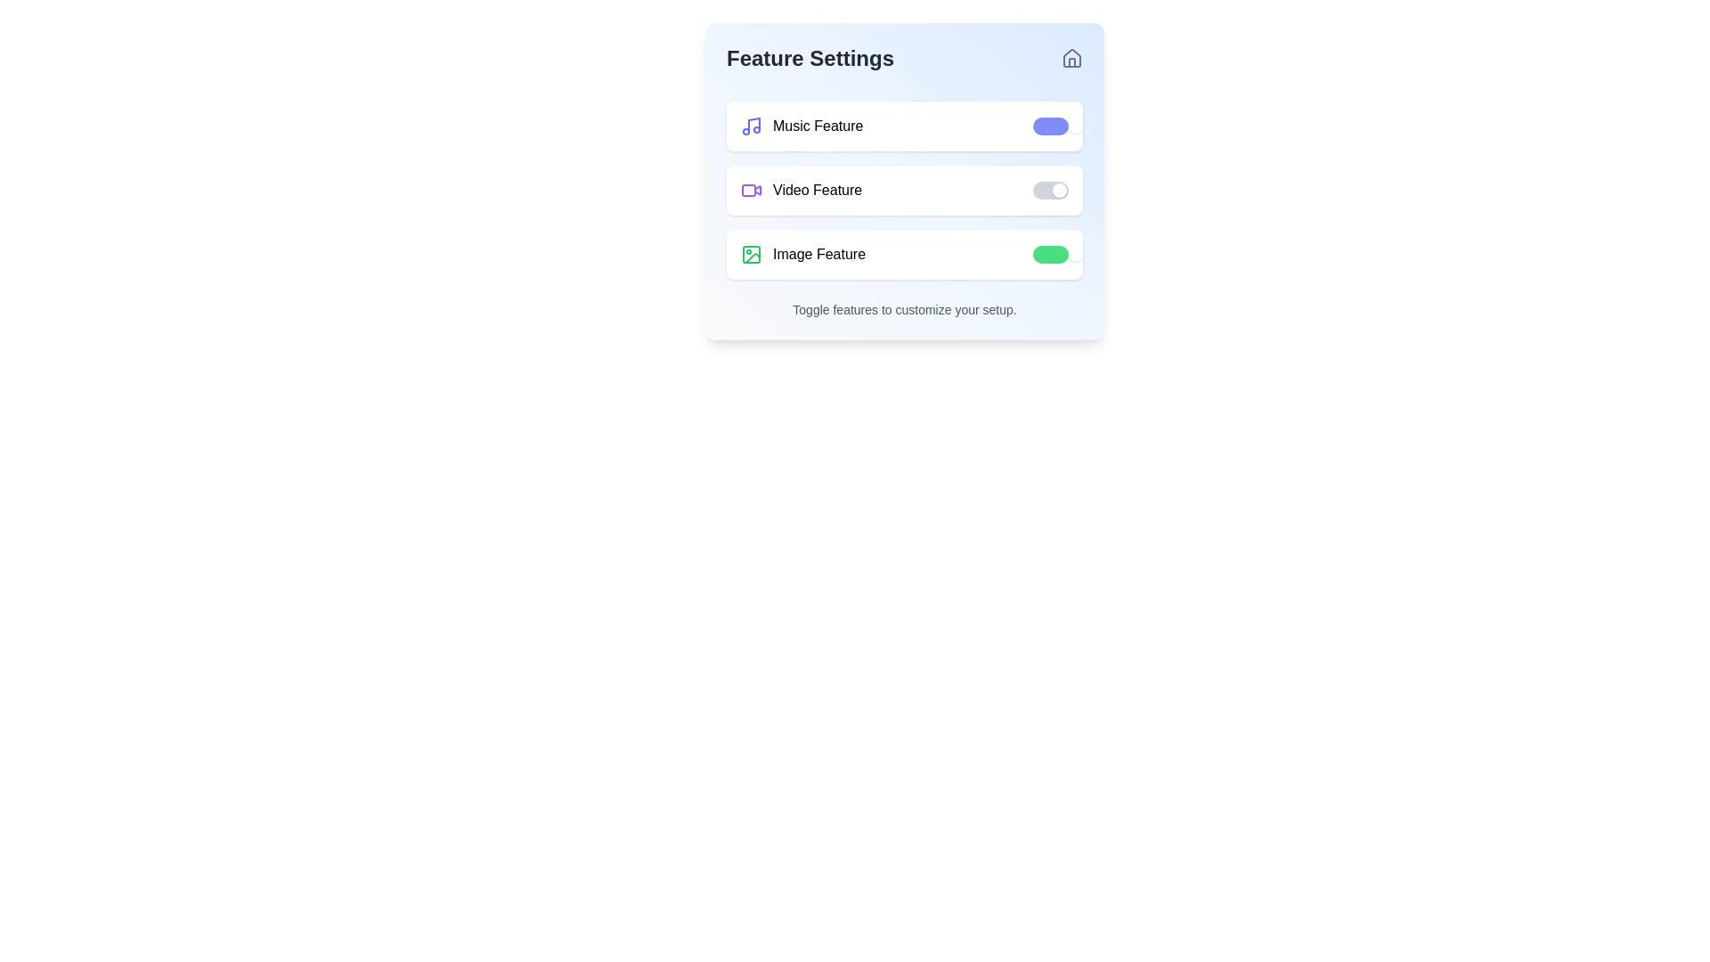  What do you see at coordinates (1071, 57) in the screenshot?
I see `the stylized house icon located at the top-right corner of the 'Feature Settings' card` at bounding box center [1071, 57].